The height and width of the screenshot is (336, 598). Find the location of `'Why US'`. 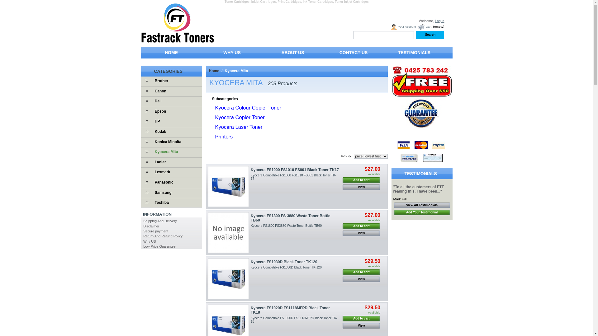

'Why US' is located at coordinates (149, 241).